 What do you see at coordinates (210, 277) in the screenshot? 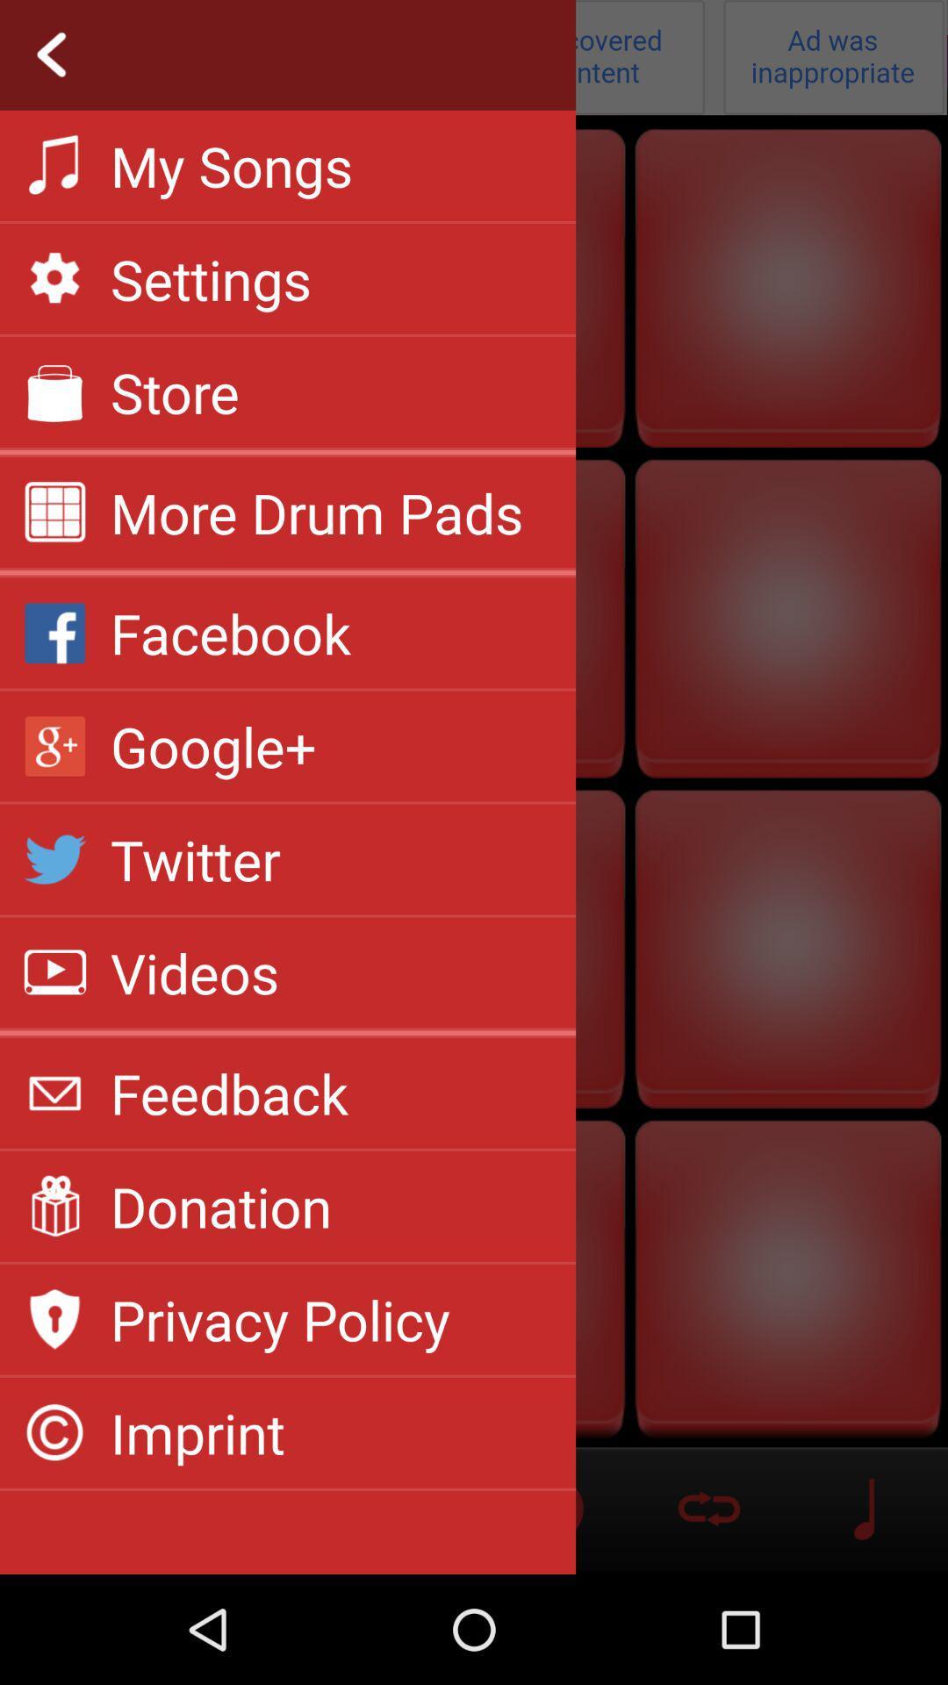
I see `the settings icon` at bounding box center [210, 277].